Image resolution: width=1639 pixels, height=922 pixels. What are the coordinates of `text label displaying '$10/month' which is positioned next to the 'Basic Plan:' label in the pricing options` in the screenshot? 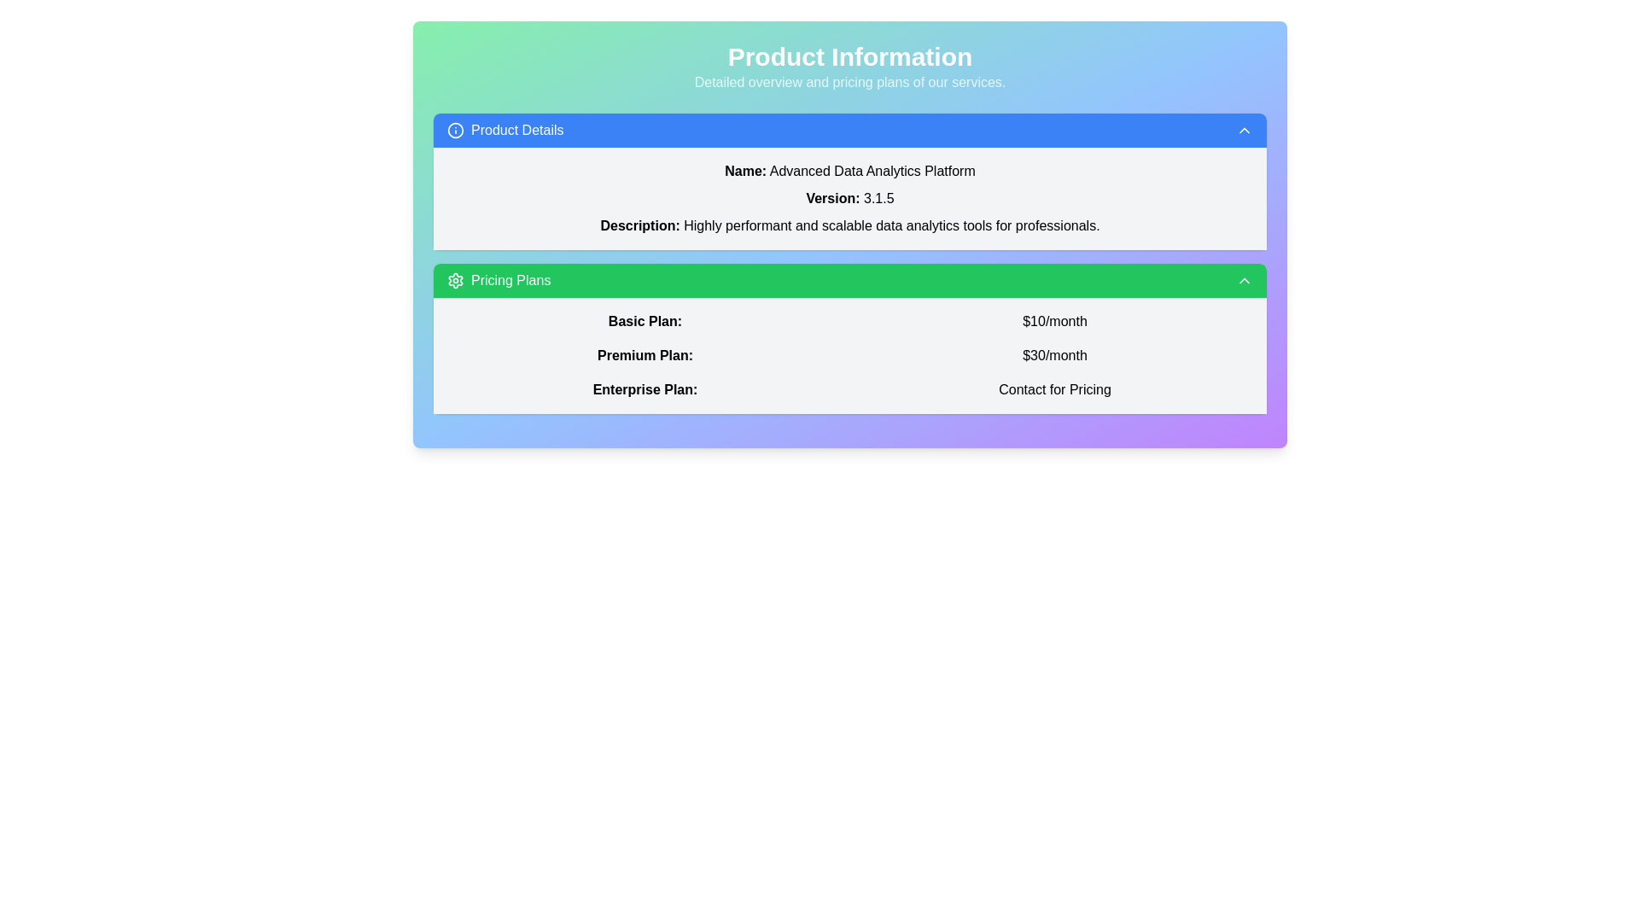 It's located at (1054, 322).